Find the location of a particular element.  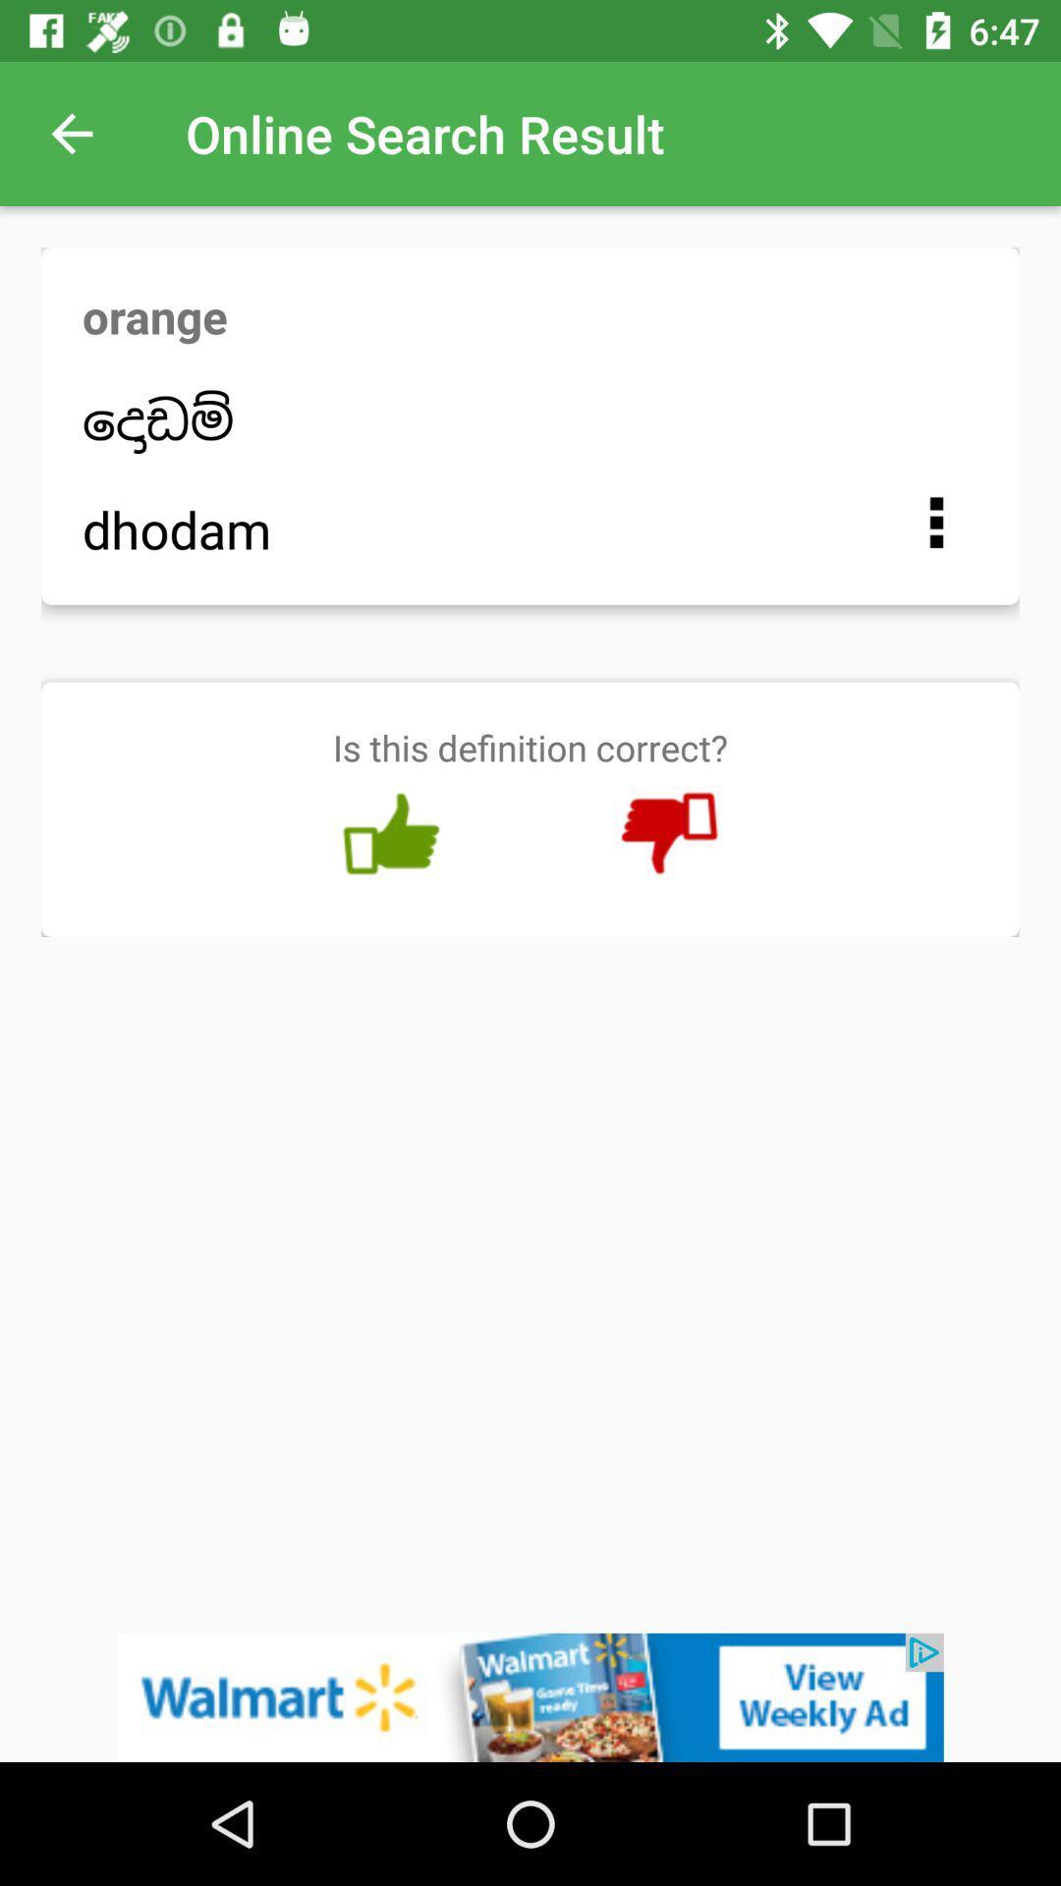

dispute definition is located at coordinates (668, 834).